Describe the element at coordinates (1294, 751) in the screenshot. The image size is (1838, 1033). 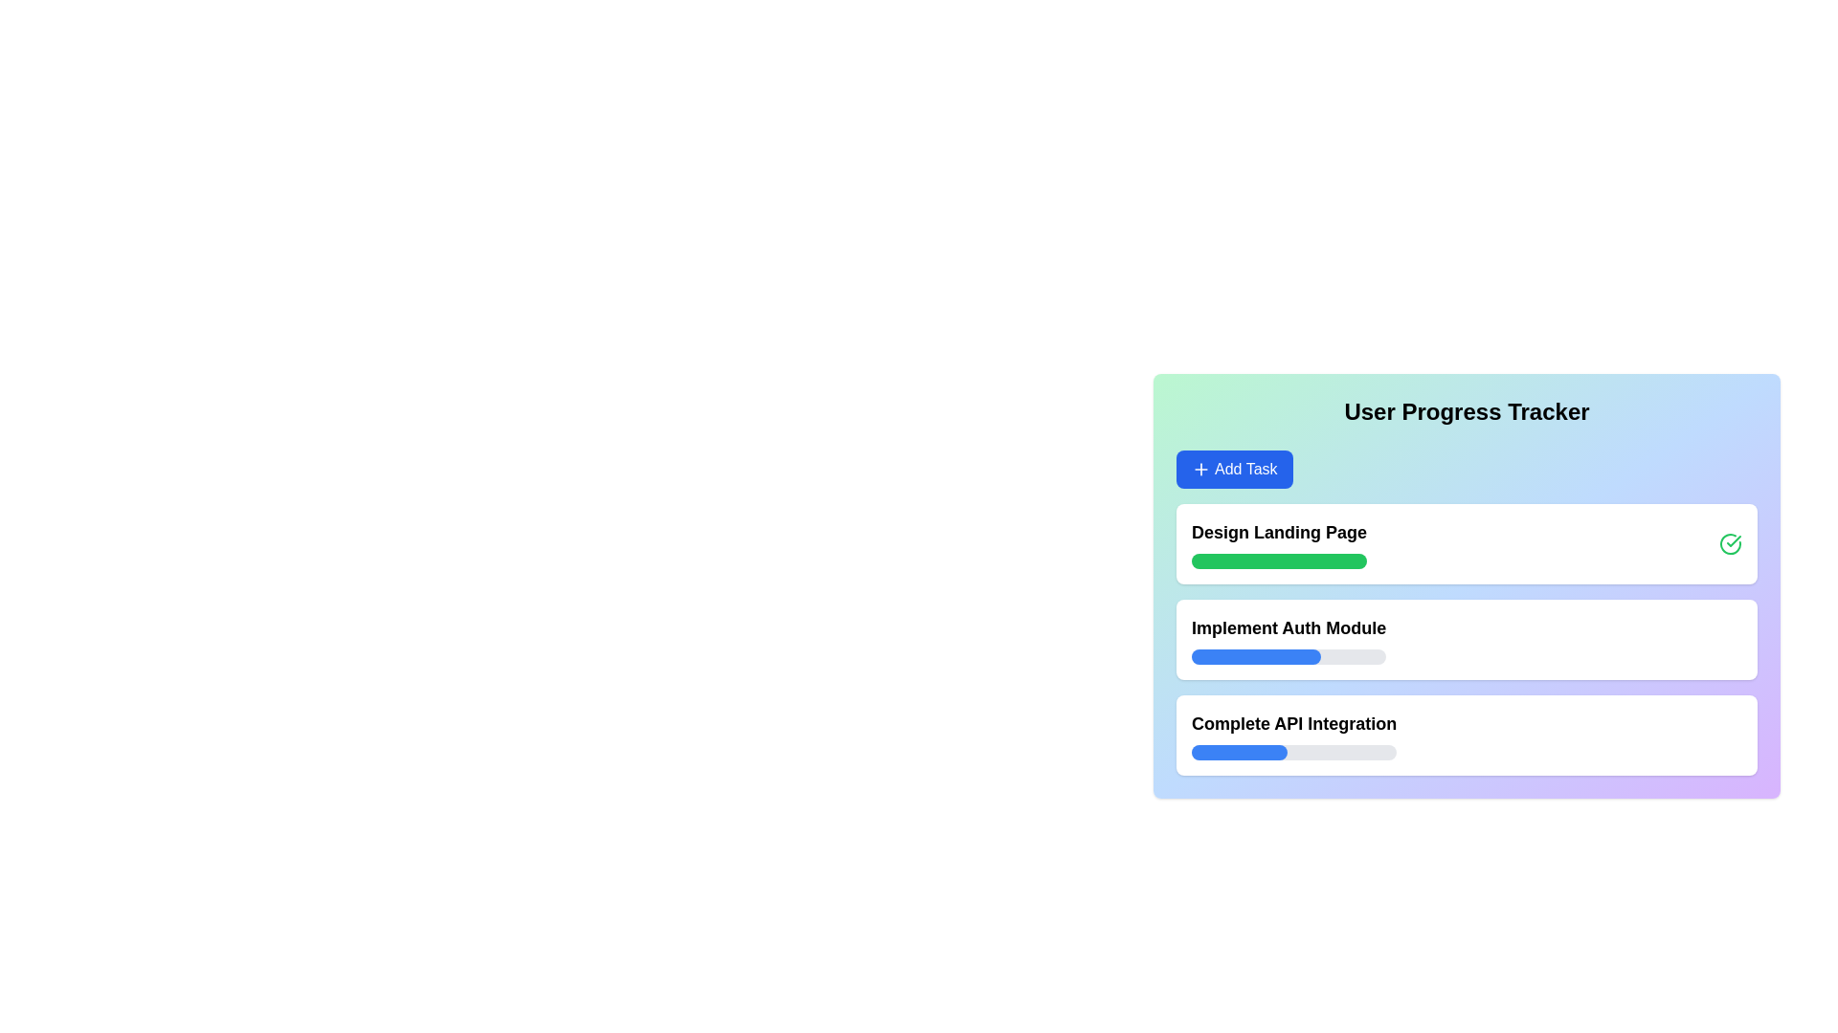
I see `the progress bar located under the text 'Complete API Integration'` at that location.